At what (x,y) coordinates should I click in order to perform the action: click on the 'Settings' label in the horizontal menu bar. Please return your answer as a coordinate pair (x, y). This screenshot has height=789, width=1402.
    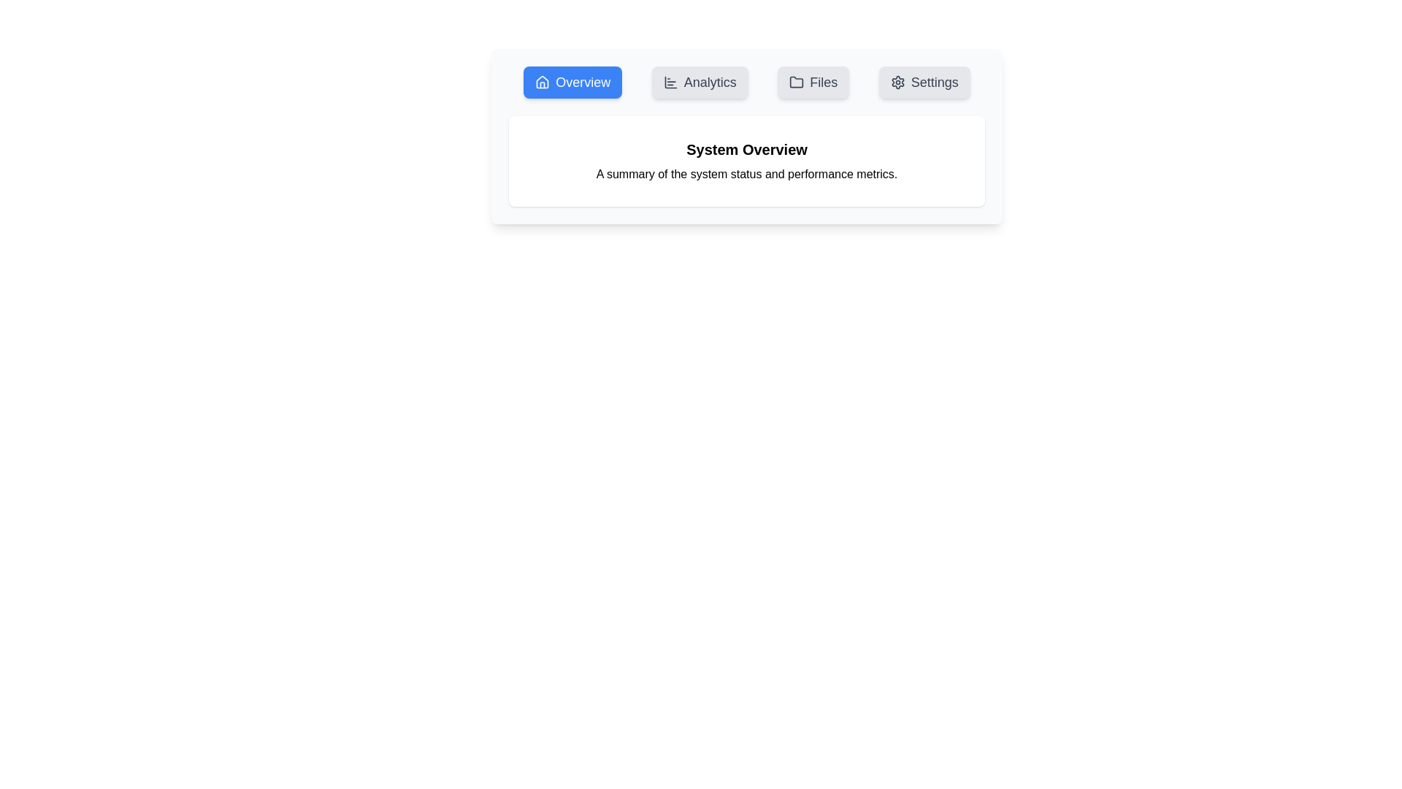
    Looking at the image, I should click on (935, 82).